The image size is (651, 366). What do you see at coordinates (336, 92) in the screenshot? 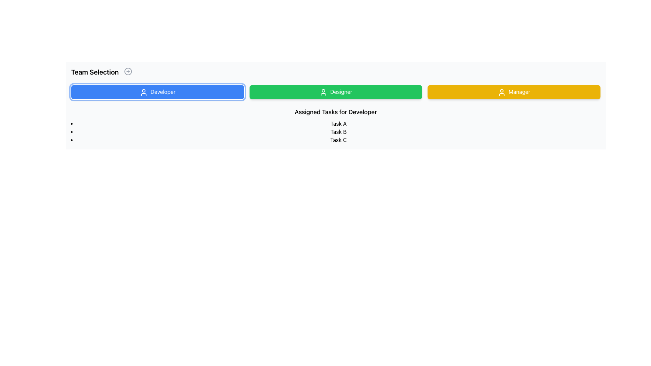
I see `the role selection button for 'Designer', which is the second button from the left` at bounding box center [336, 92].